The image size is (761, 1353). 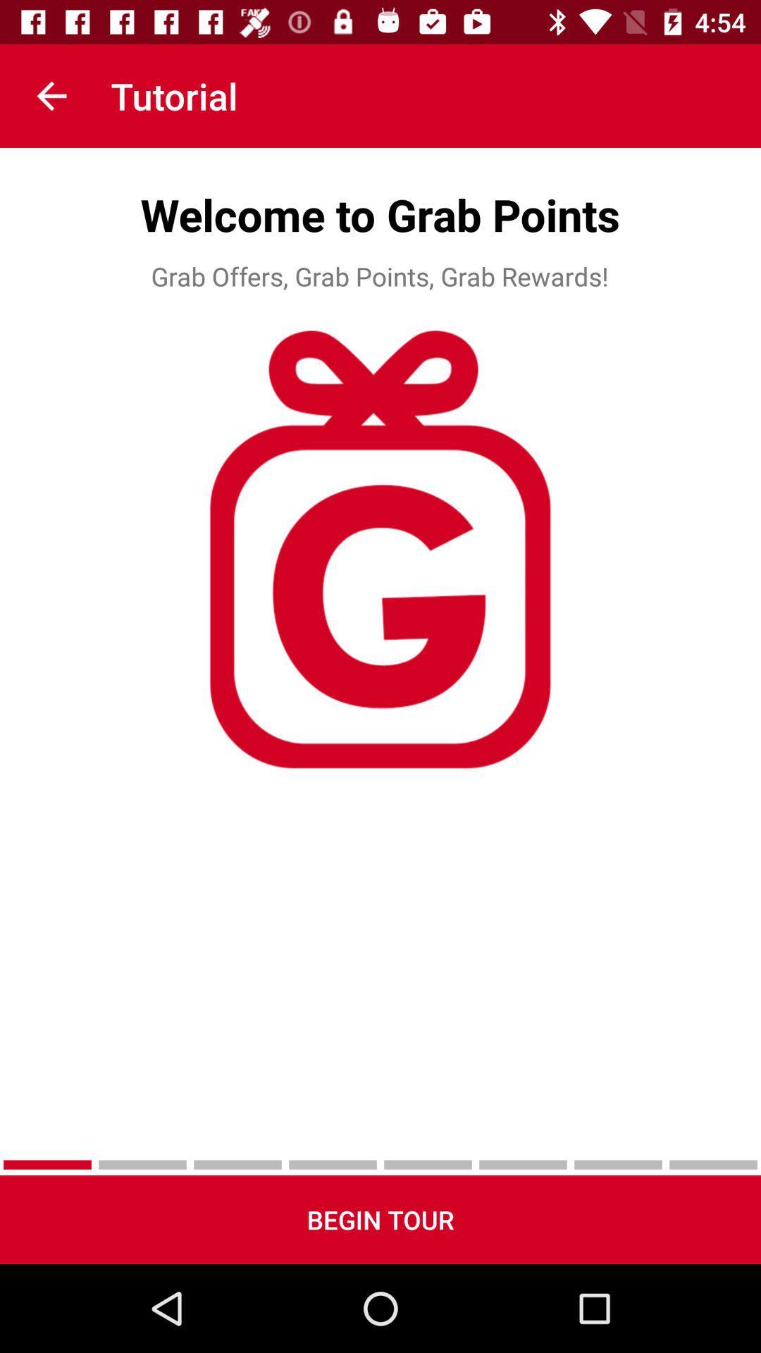 I want to click on the icon to the left of the tutorial app, so click(x=51, y=95).